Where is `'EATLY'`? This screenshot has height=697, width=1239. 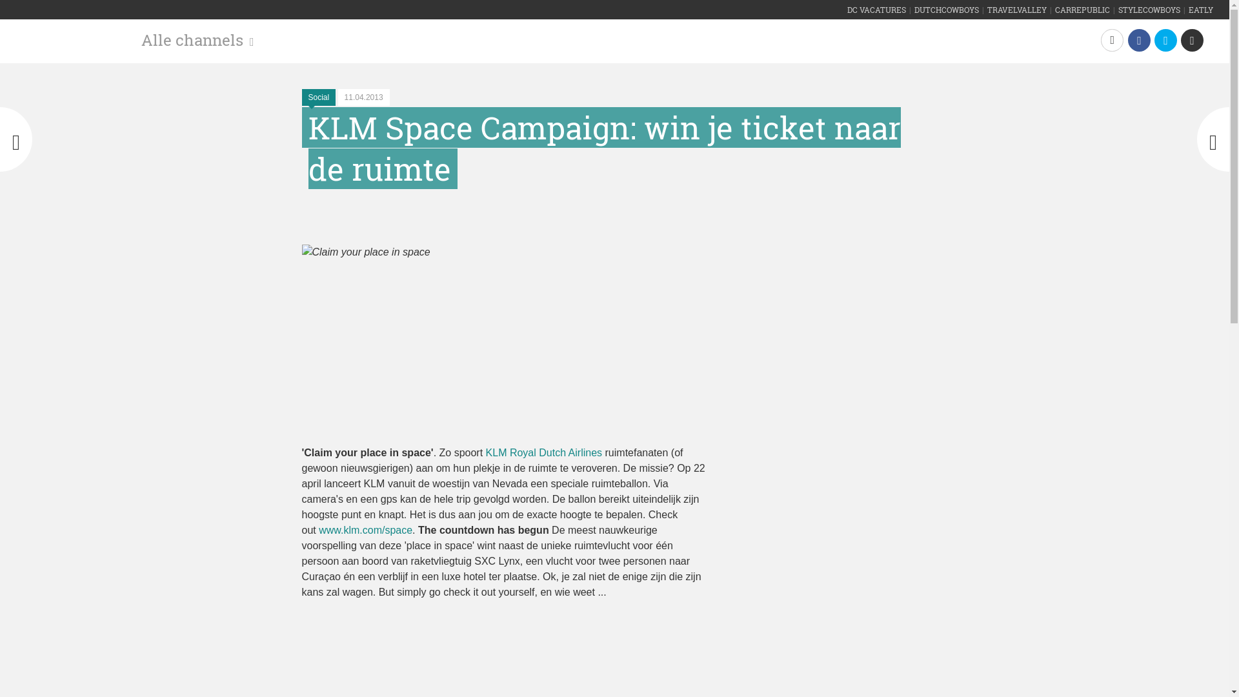
'EATLY' is located at coordinates (1200, 10).